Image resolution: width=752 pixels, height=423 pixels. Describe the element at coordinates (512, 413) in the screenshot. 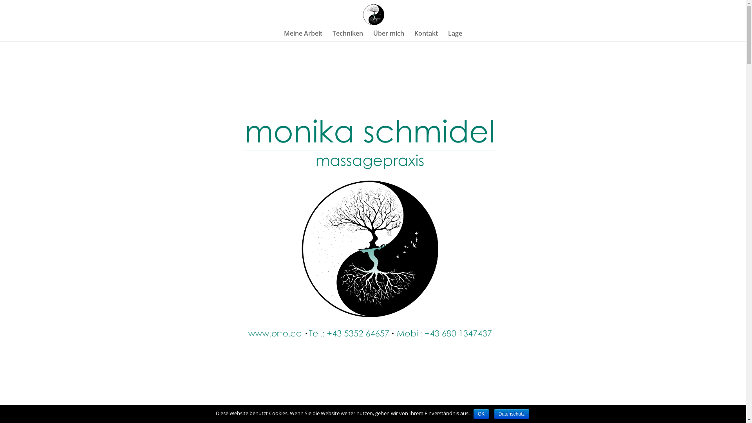

I see `'Datenschutz'` at that location.